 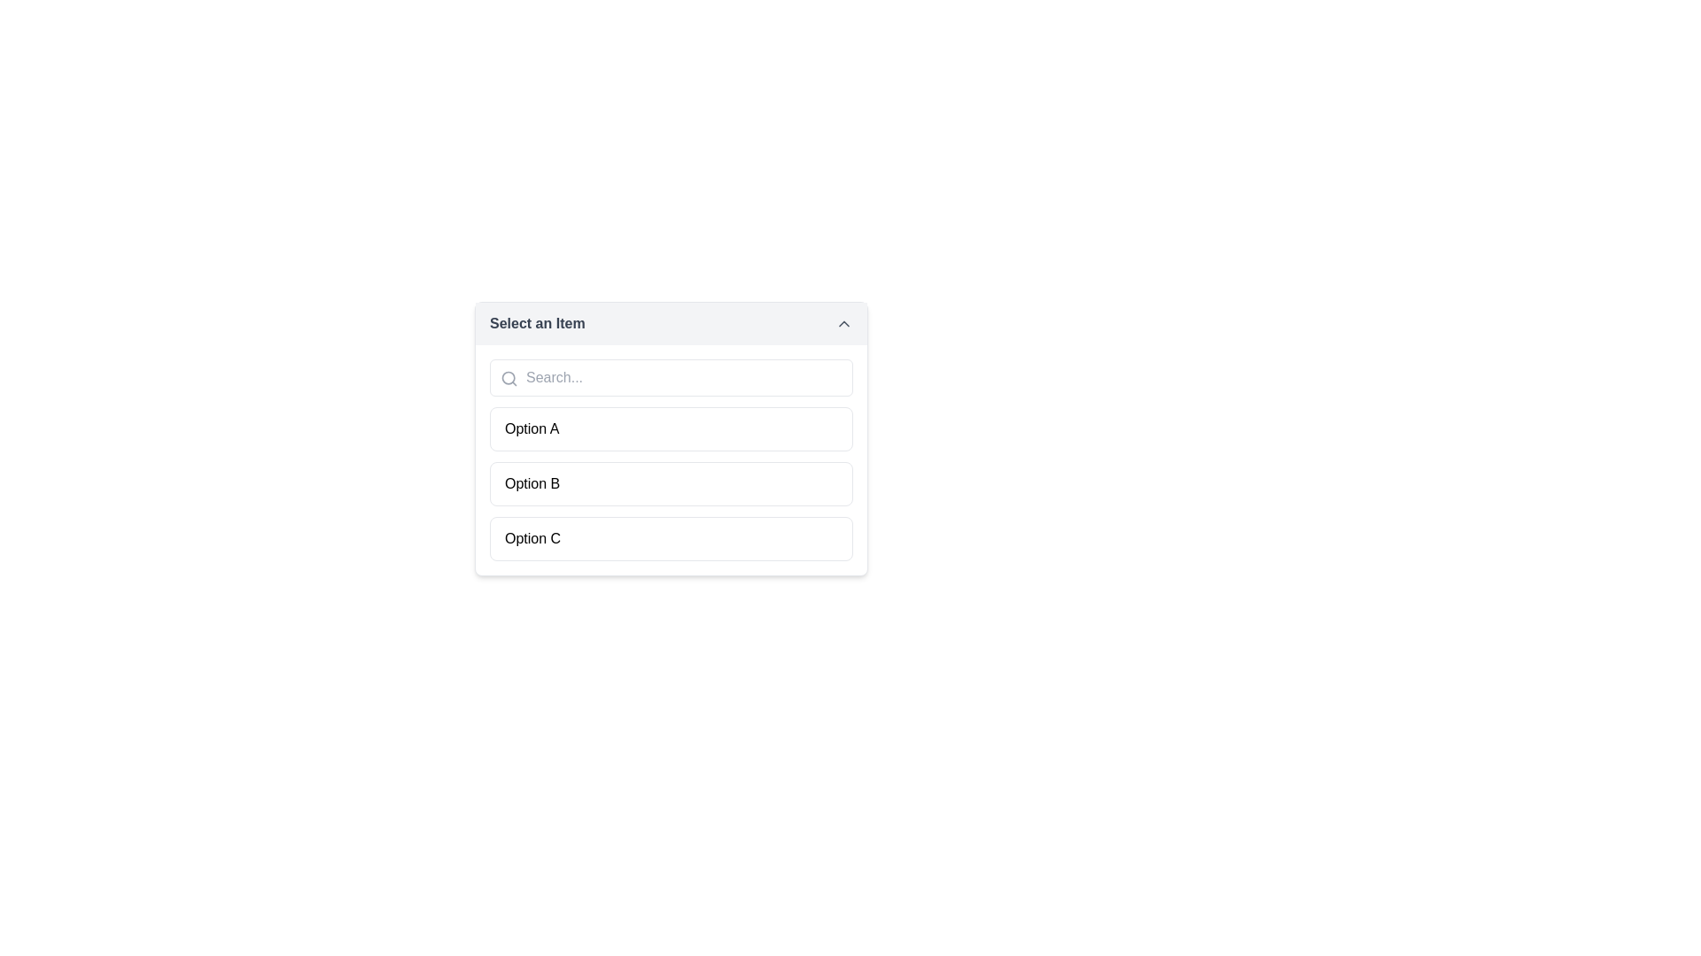 I want to click on the second selectable option 'Option B' in the dropdown interface to trigger the focus effect, so click(x=671, y=484).